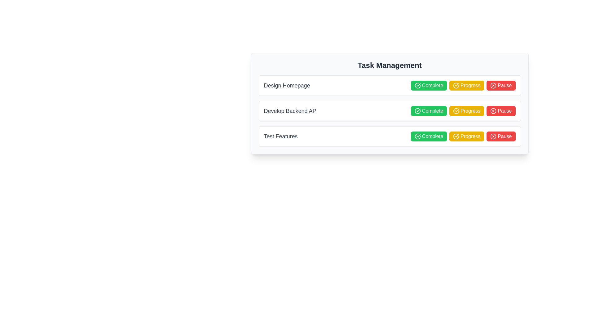  What do you see at coordinates (456, 136) in the screenshot?
I see `the 'Progress' button which has a yellow background and white text, located in the third row of the task management table` at bounding box center [456, 136].